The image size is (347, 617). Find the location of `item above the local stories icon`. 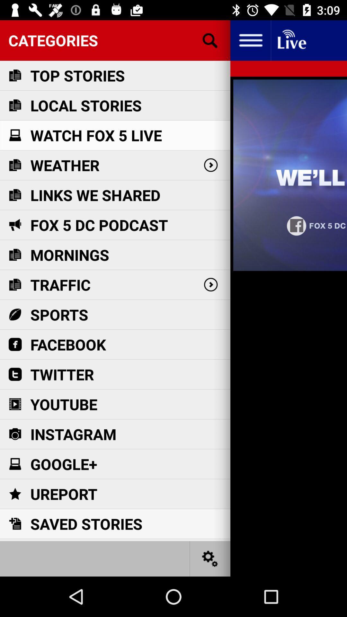

item above the local stories icon is located at coordinates (77, 76).